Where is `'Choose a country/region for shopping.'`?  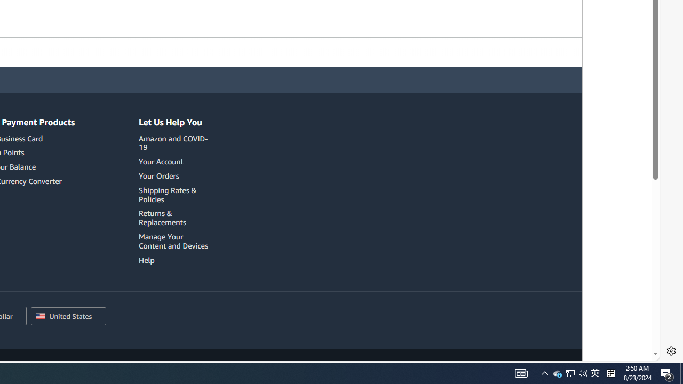 'Choose a country/region for shopping.' is located at coordinates (68, 316).